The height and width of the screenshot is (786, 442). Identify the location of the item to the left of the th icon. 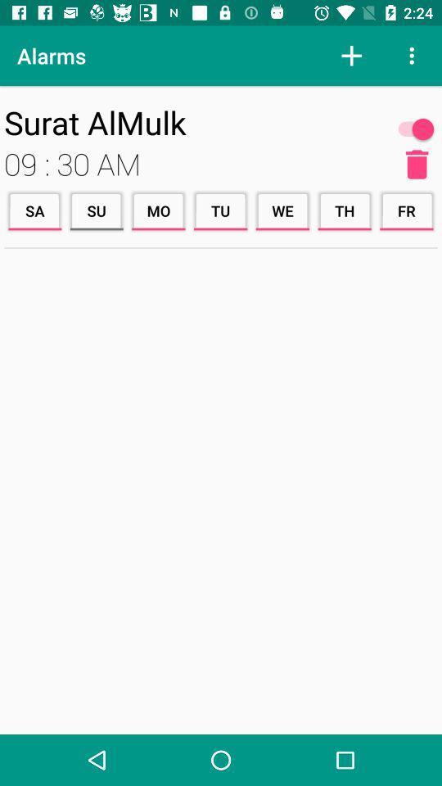
(282, 210).